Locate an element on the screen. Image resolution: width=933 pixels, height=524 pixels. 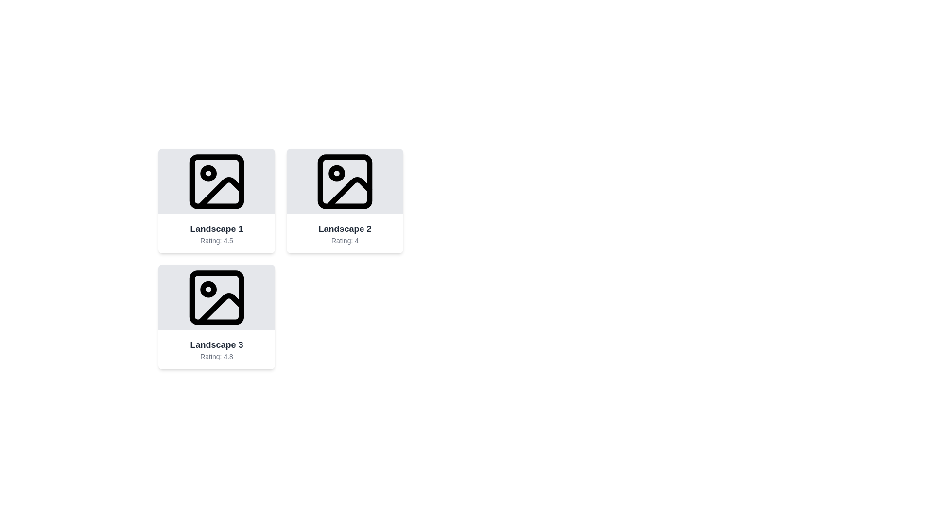
the small decorative graphical circle located within the image icon of the second card in the grid layout, which resembles a picture frame with a mountain and a sun is located at coordinates (337, 173).